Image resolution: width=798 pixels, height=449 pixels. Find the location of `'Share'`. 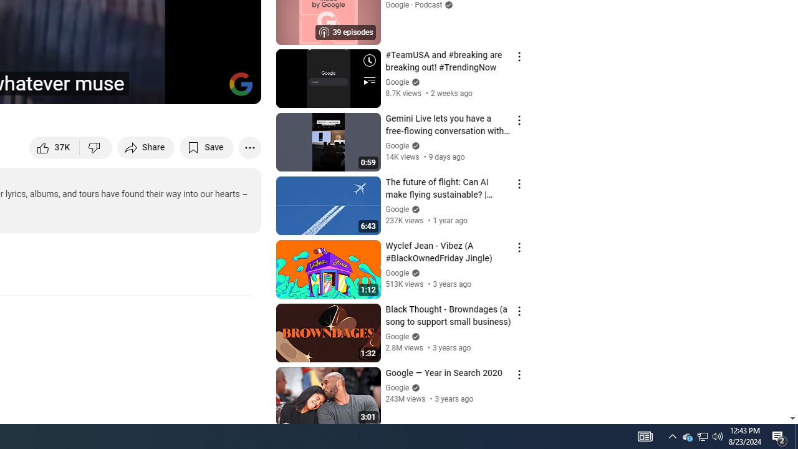

'Share' is located at coordinates (146, 147).